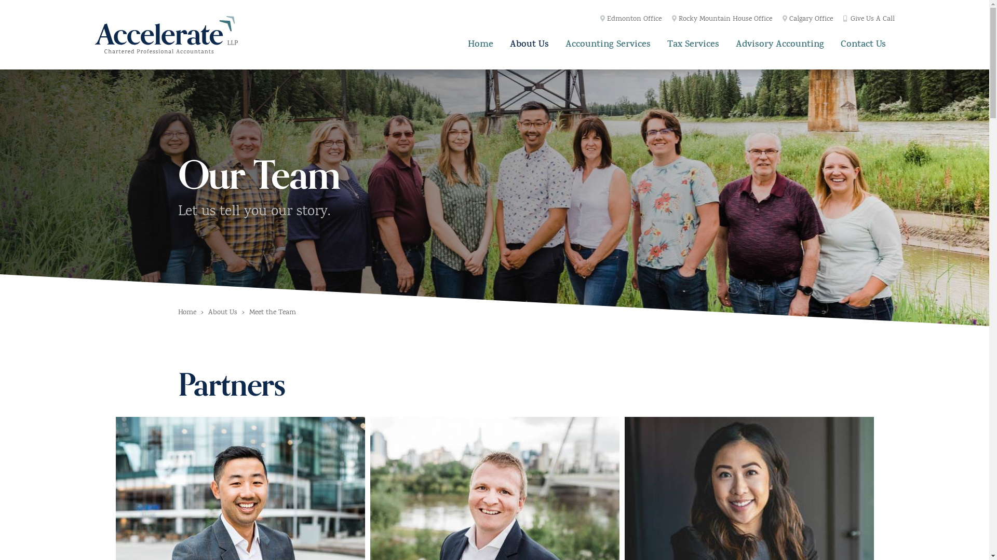 The width and height of the screenshot is (997, 560). What do you see at coordinates (187, 313) in the screenshot?
I see `'Home'` at bounding box center [187, 313].